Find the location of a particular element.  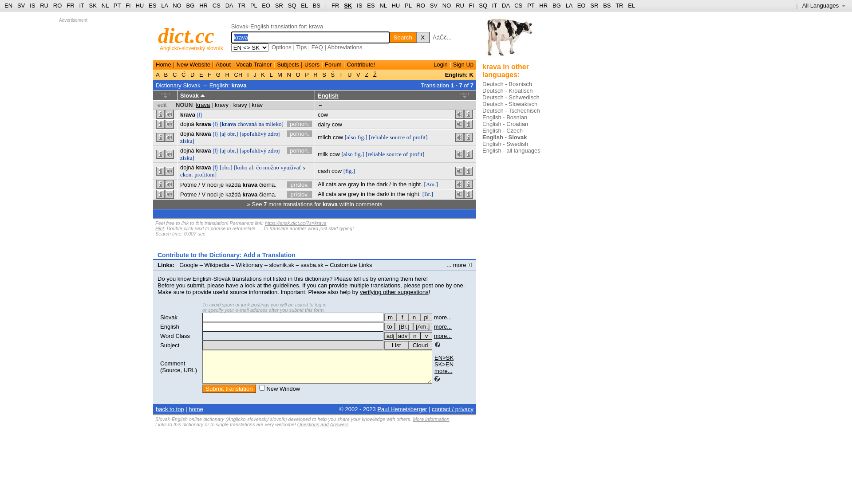

'English - Bosnian' is located at coordinates (505, 117).